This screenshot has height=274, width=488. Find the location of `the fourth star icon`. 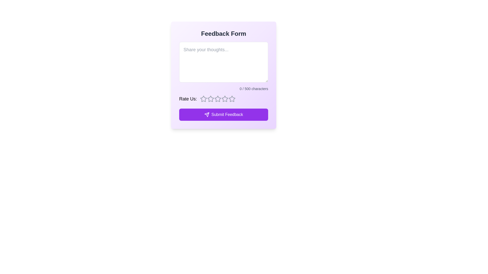

the fourth star icon is located at coordinates (218, 99).